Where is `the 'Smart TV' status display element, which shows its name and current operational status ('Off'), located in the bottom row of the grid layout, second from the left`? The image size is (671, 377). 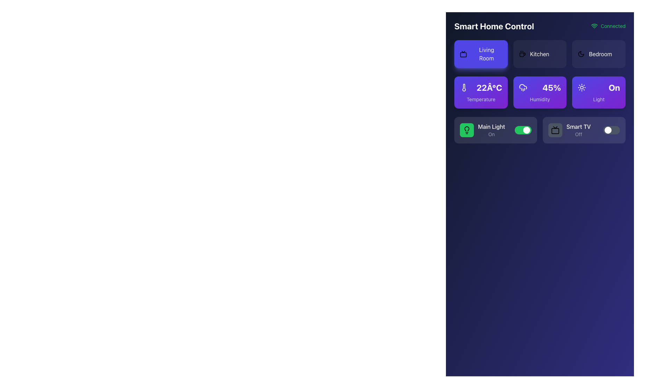 the 'Smart TV' status display element, which shows its name and current operational status ('Off'), located in the bottom row of the grid layout, second from the left is located at coordinates (569, 130).